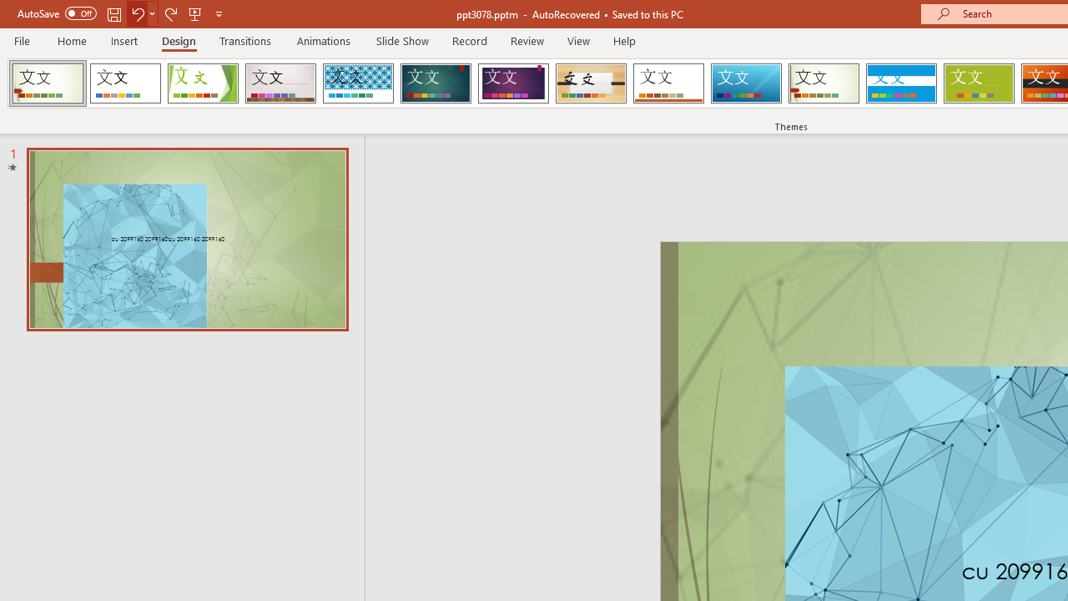  I want to click on 'Banded', so click(900, 83).